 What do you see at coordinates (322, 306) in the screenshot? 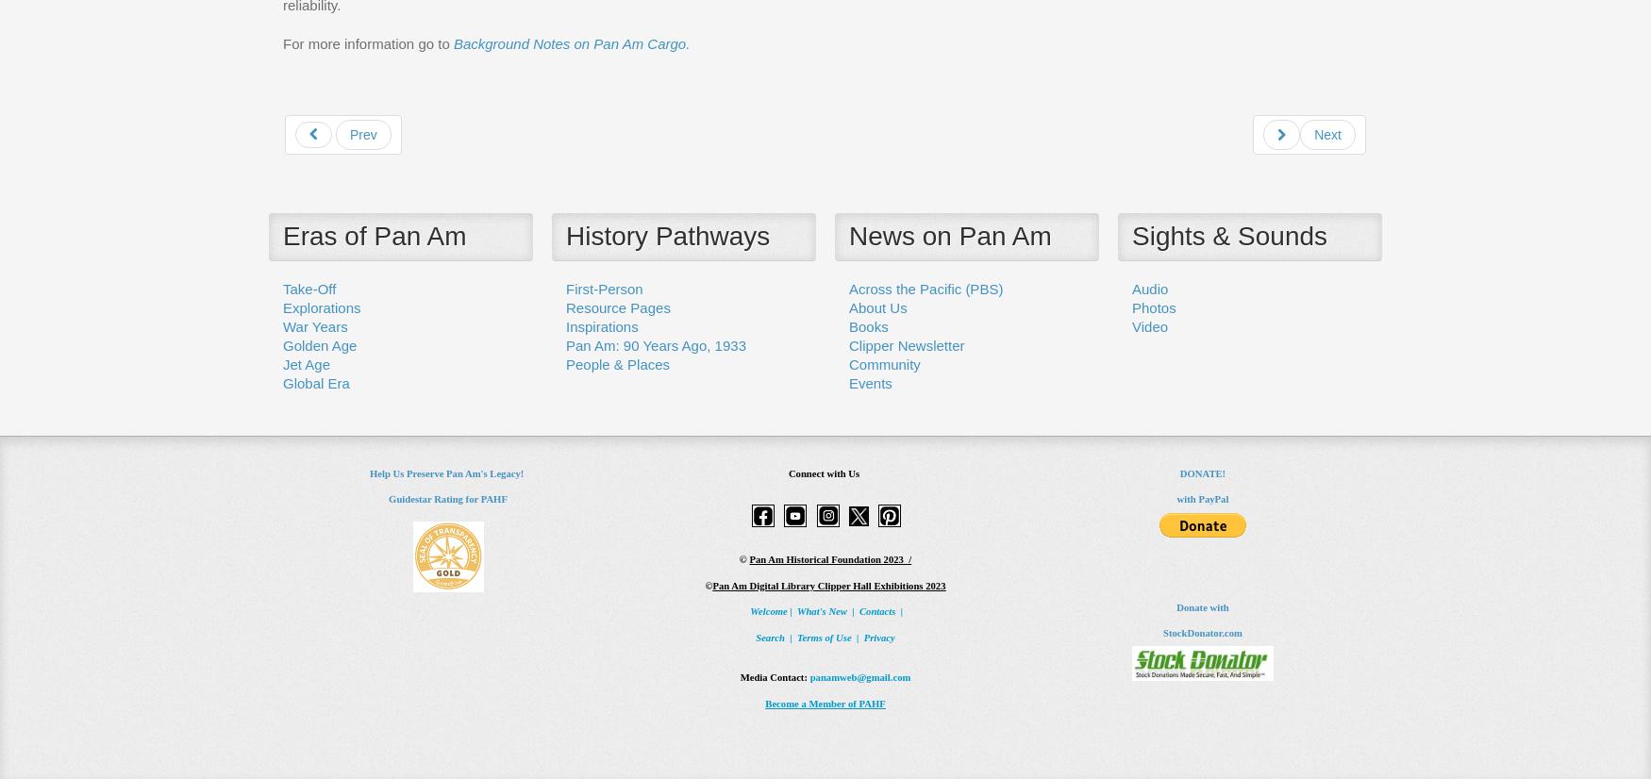
I see `'Explorations'` at bounding box center [322, 306].